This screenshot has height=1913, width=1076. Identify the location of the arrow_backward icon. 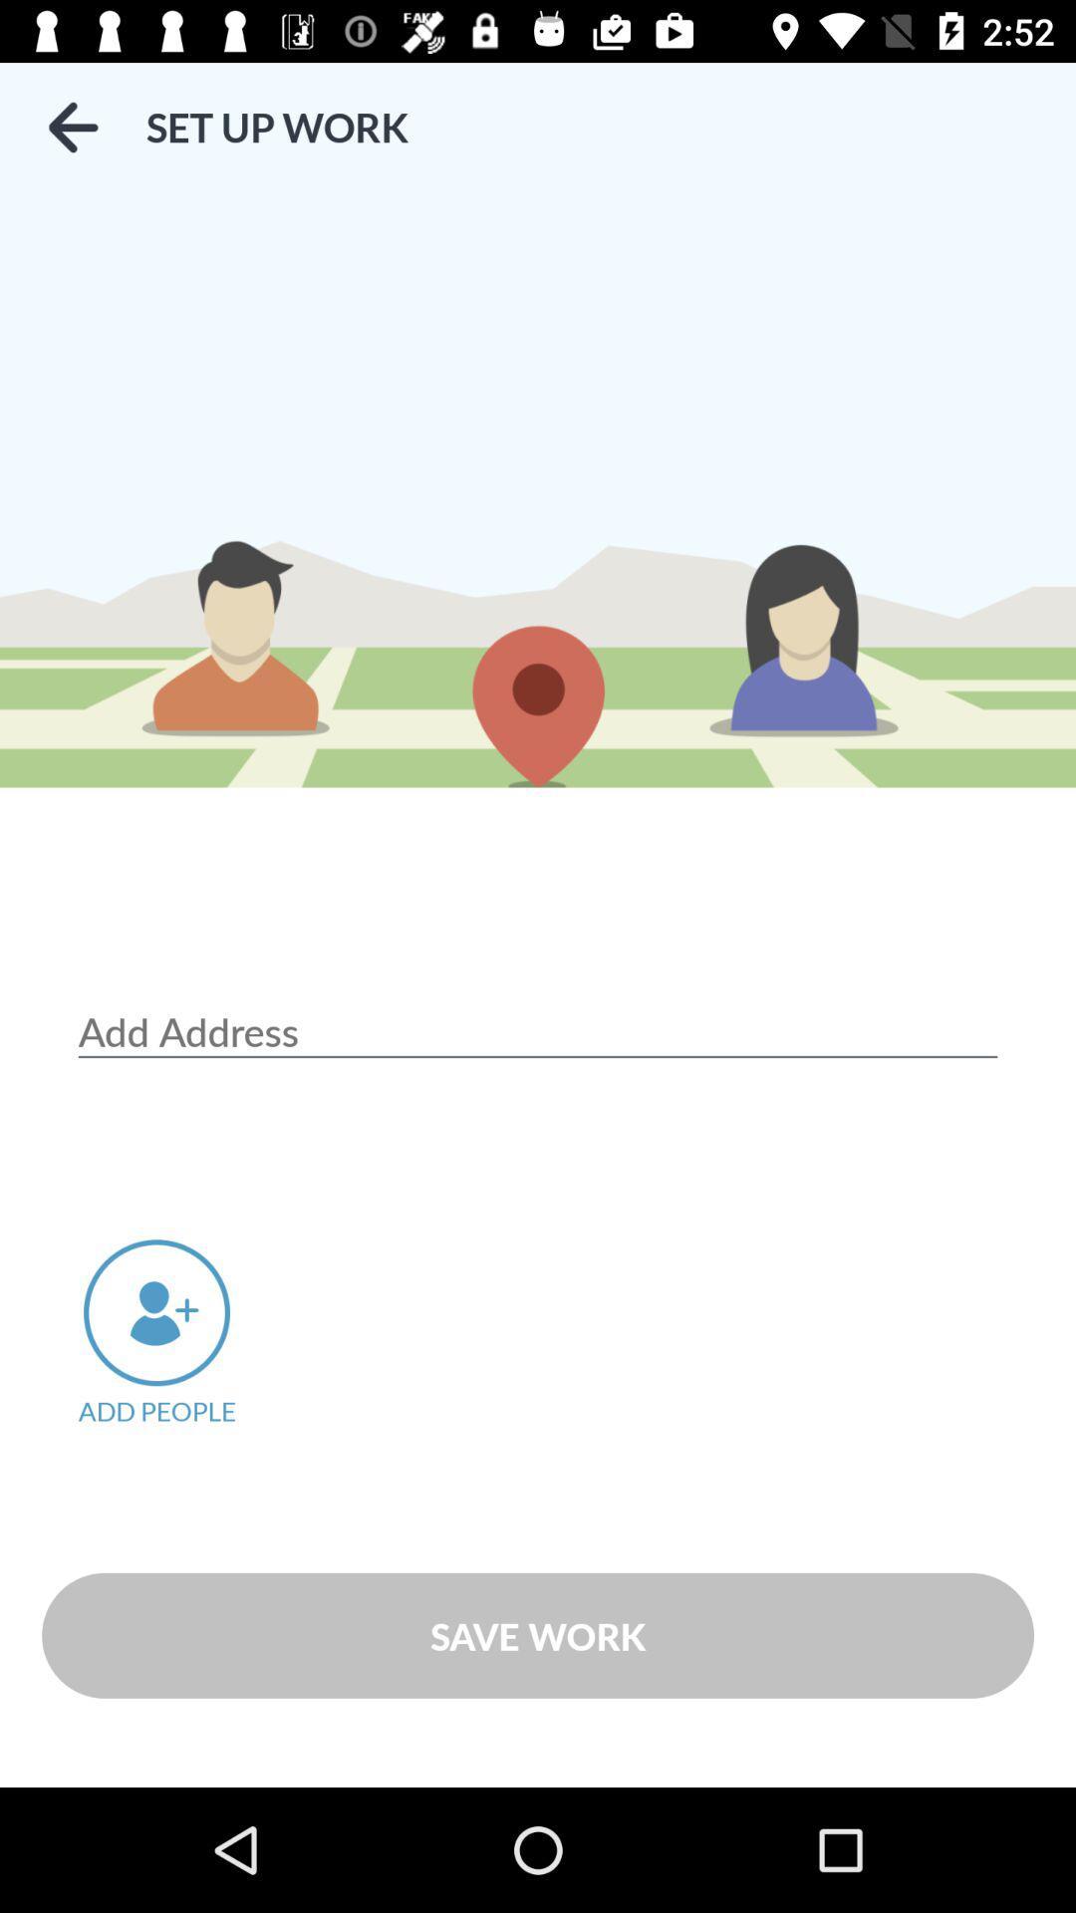
(72, 127).